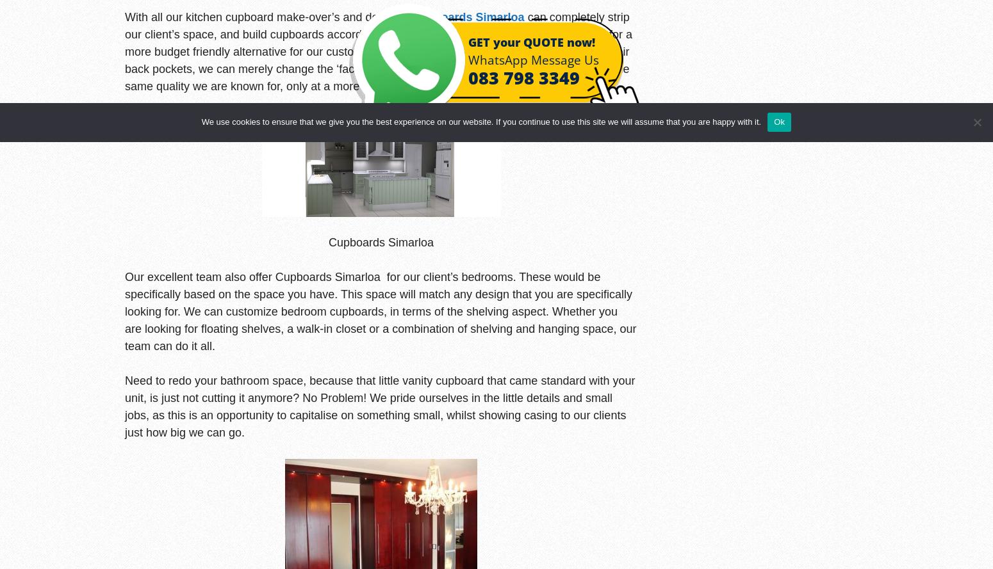 The width and height of the screenshot is (993, 569). Describe the element at coordinates (468, 41) in the screenshot. I see `'GET your QUOTE now!'` at that location.